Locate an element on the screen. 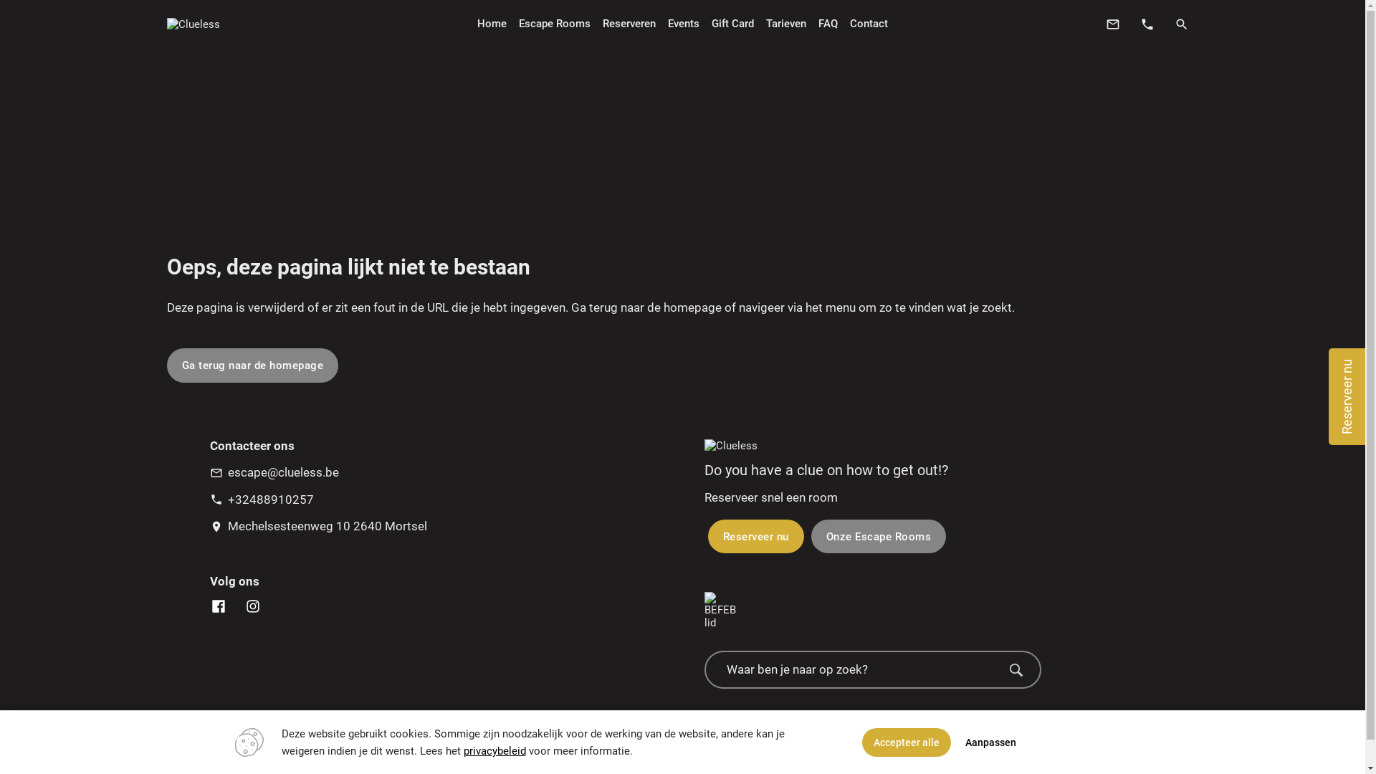 Image resolution: width=1376 pixels, height=774 pixels. 'phone is located at coordinates (261, 502).